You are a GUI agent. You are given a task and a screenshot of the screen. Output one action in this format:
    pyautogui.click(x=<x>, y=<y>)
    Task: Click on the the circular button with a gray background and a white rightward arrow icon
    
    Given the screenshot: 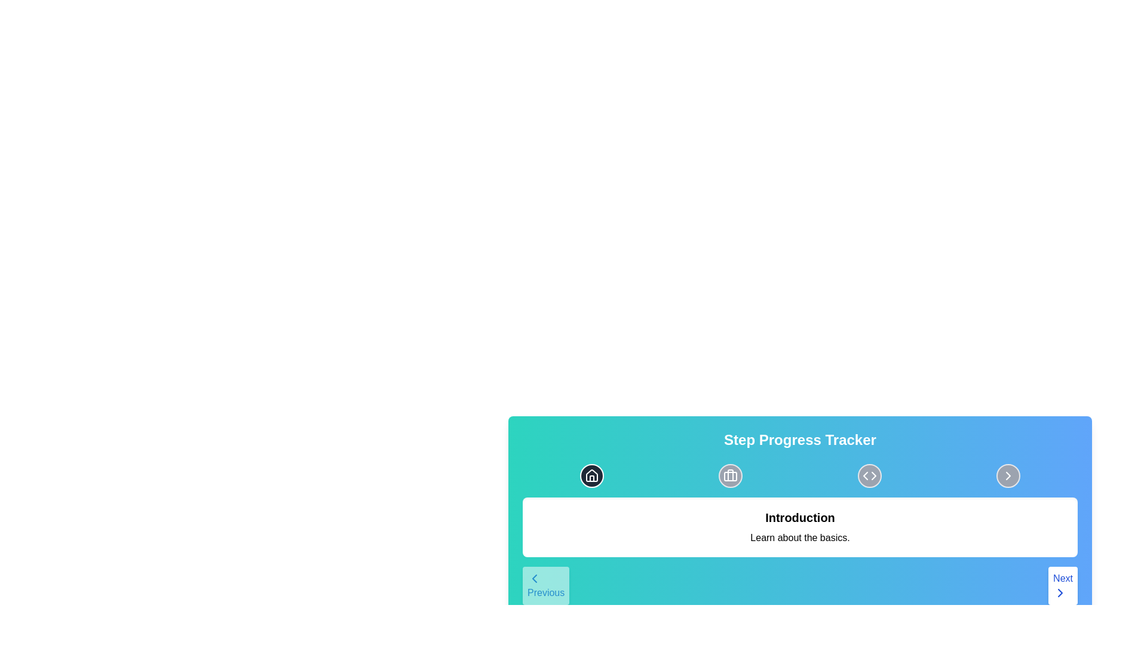 What is the action you would take?
    pyautogui.click(x=1007, y=475)
    